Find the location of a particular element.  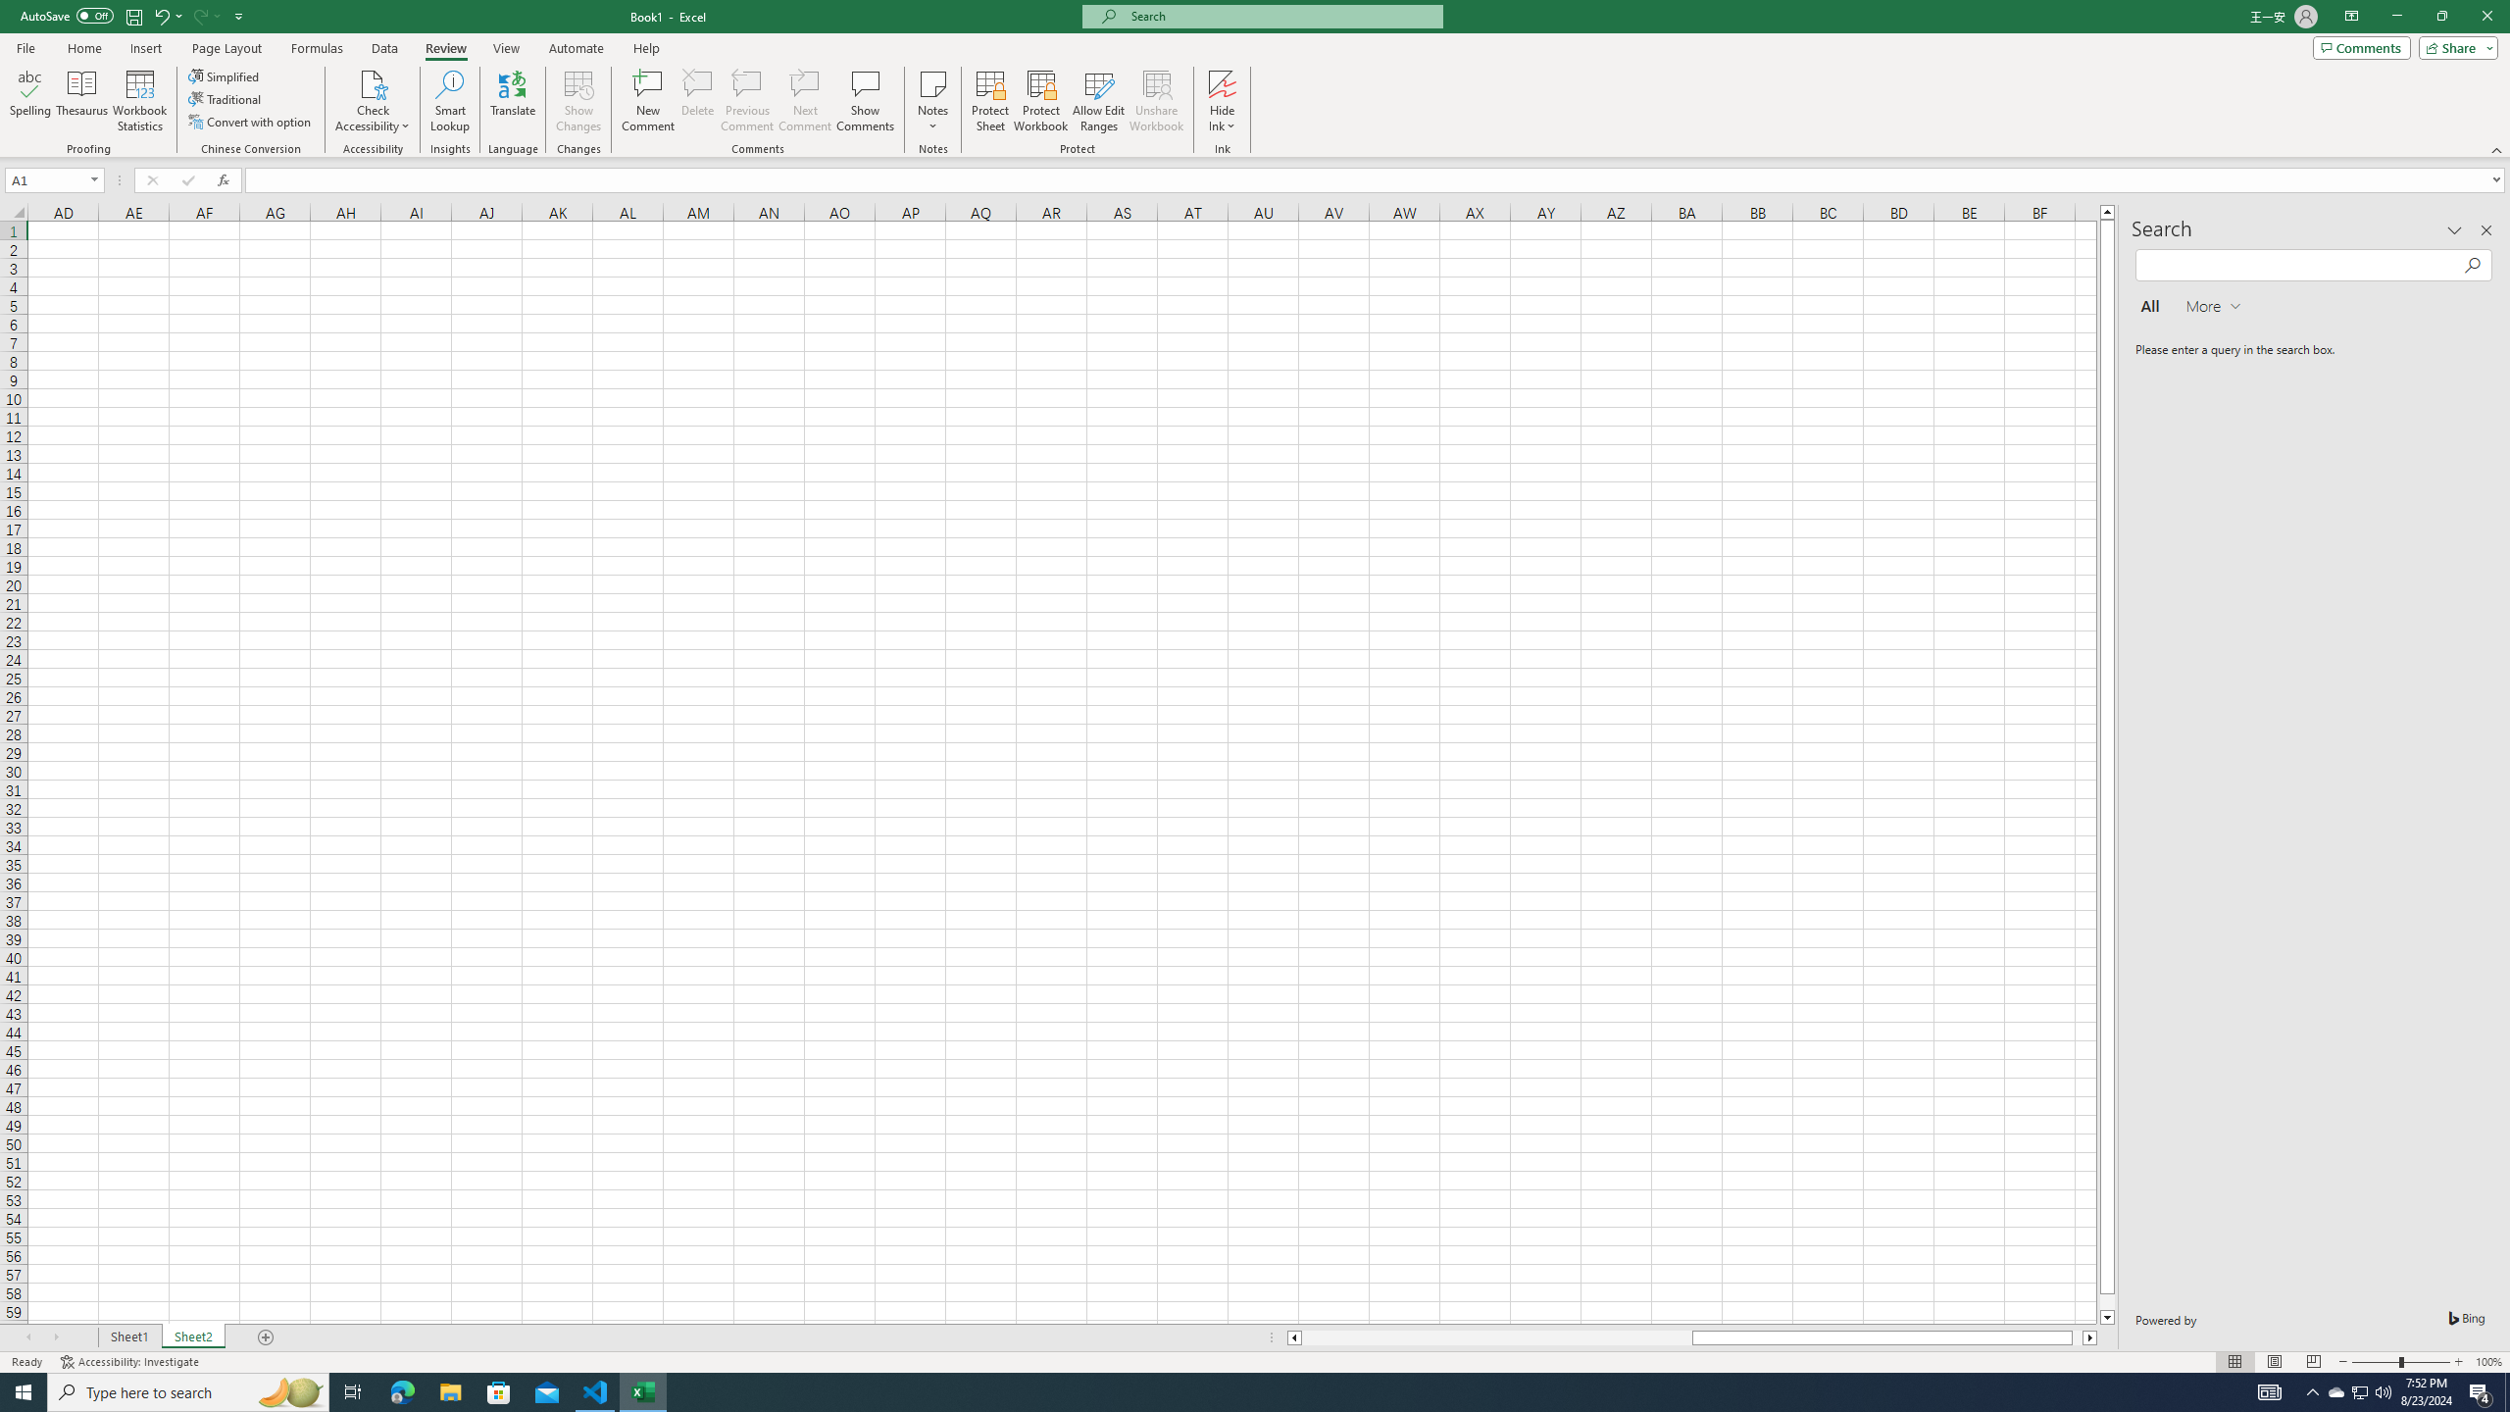

'Next Comment' is located at coordinates (803, 101).